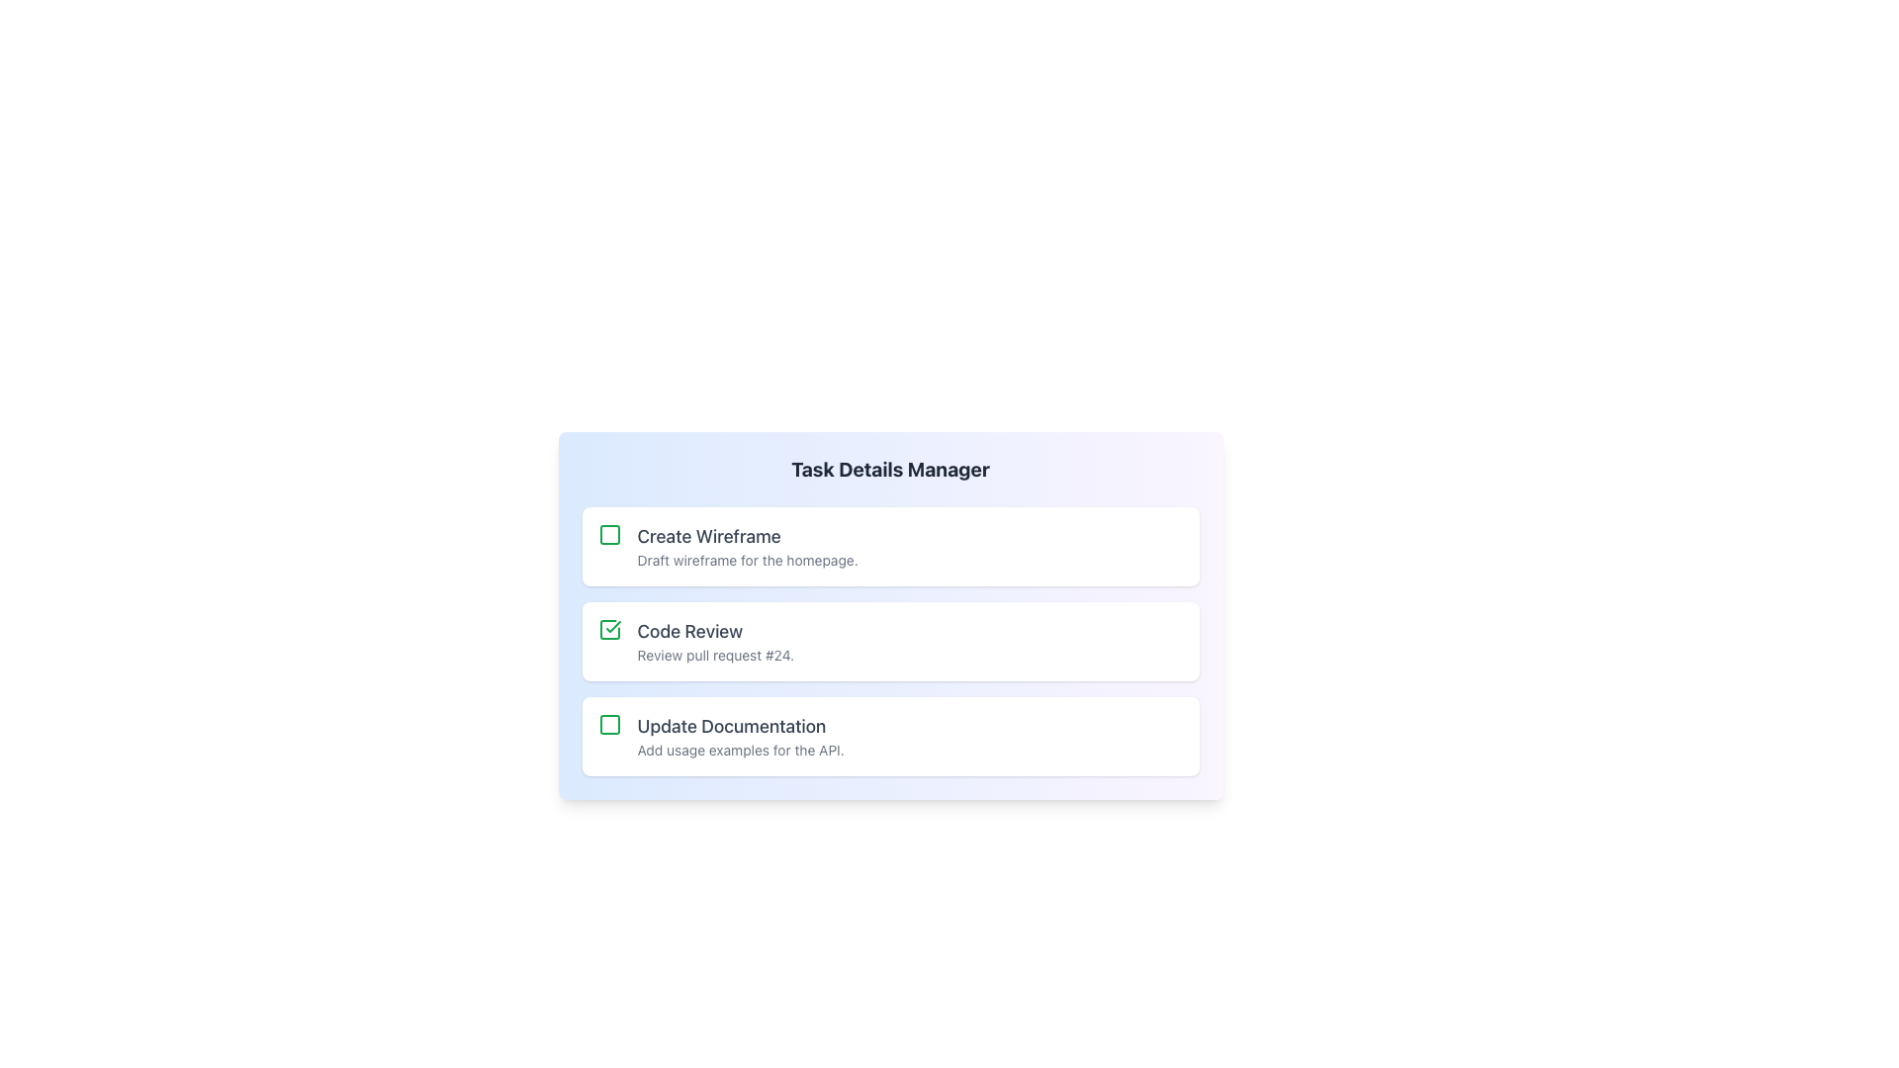 This screenshot has height=1068, width=1899. What do you see at coordinates (608, 724) in the screenshot?
I see `the green-bordered checkbox located to the left of the text content in the card titled 'Update Documentation'` at bounding box center [608, 724].